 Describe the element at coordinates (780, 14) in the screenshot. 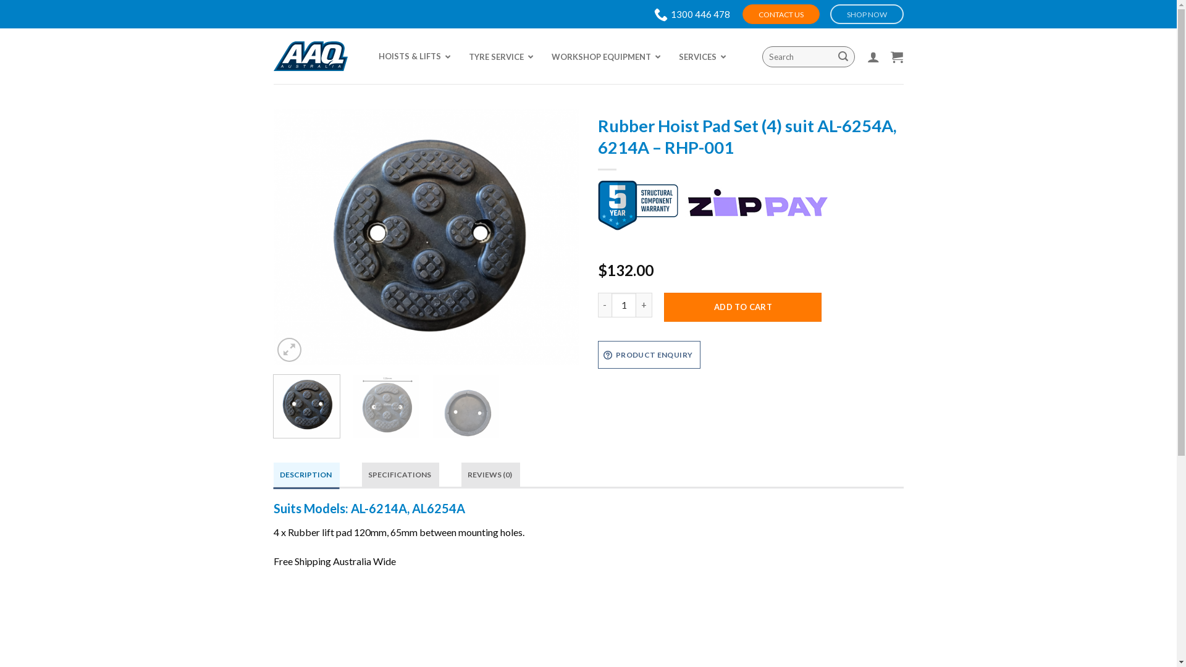

I see `'CONTACT US'` at that location.